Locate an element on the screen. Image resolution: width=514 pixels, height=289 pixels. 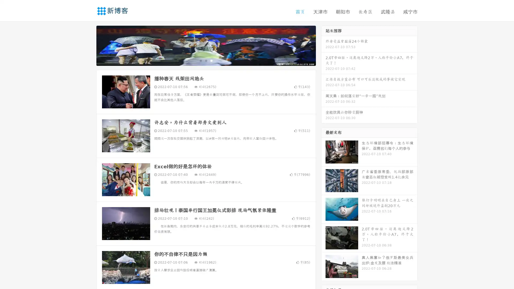
Go to slide 1 is located at coordinates (200, 60).